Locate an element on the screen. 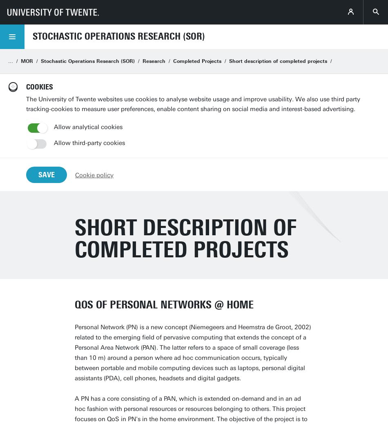 This screenshot has height=424, width=388. 'Cookie policy' is located at coordinates (94, 175).